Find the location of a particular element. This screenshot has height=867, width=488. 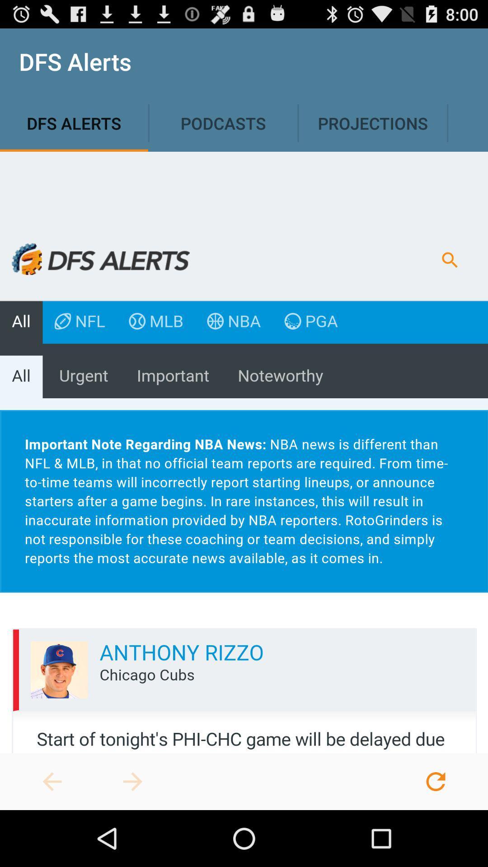

refresh page is located at coordinates (435, 781).